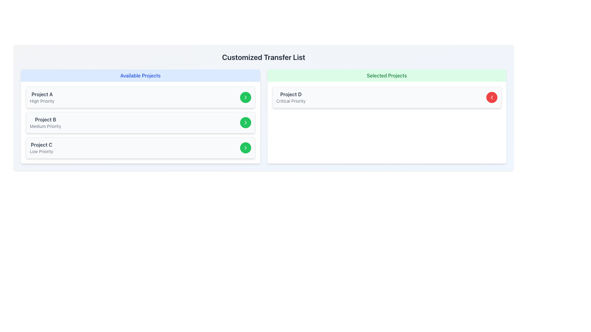 The width and height of the screenshot is (591, 332). What do you see at coordinates (41, 152) in the screenshot?
I see `the Text Label indicating the priority level of 'Project C' located below its title in the 'Available Projects' list` at bounding box center [41, 152].